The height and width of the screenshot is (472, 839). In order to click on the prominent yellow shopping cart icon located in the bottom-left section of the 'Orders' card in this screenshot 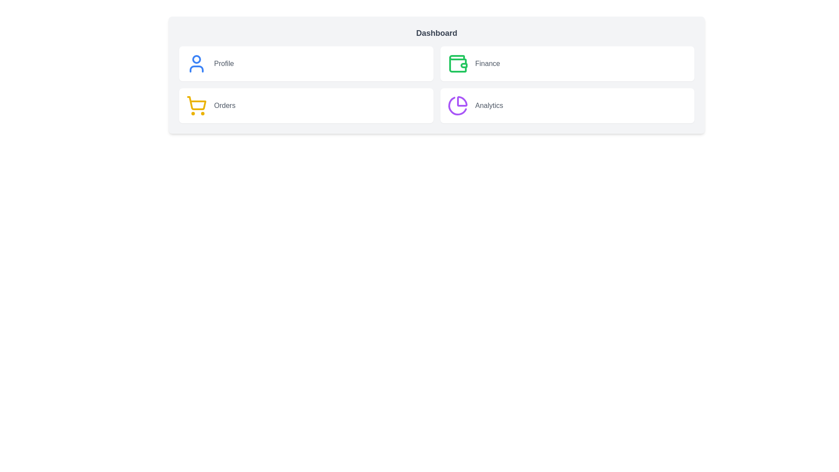, I will do `click(196, 103)`.